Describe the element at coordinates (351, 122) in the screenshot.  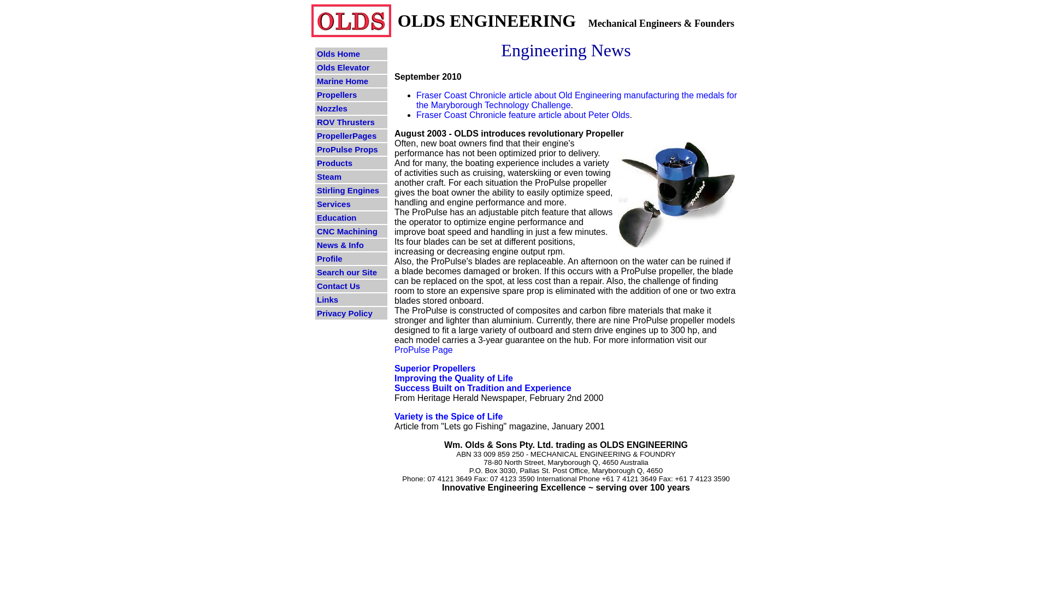
I see `'ROV Thrusters'` at that location.